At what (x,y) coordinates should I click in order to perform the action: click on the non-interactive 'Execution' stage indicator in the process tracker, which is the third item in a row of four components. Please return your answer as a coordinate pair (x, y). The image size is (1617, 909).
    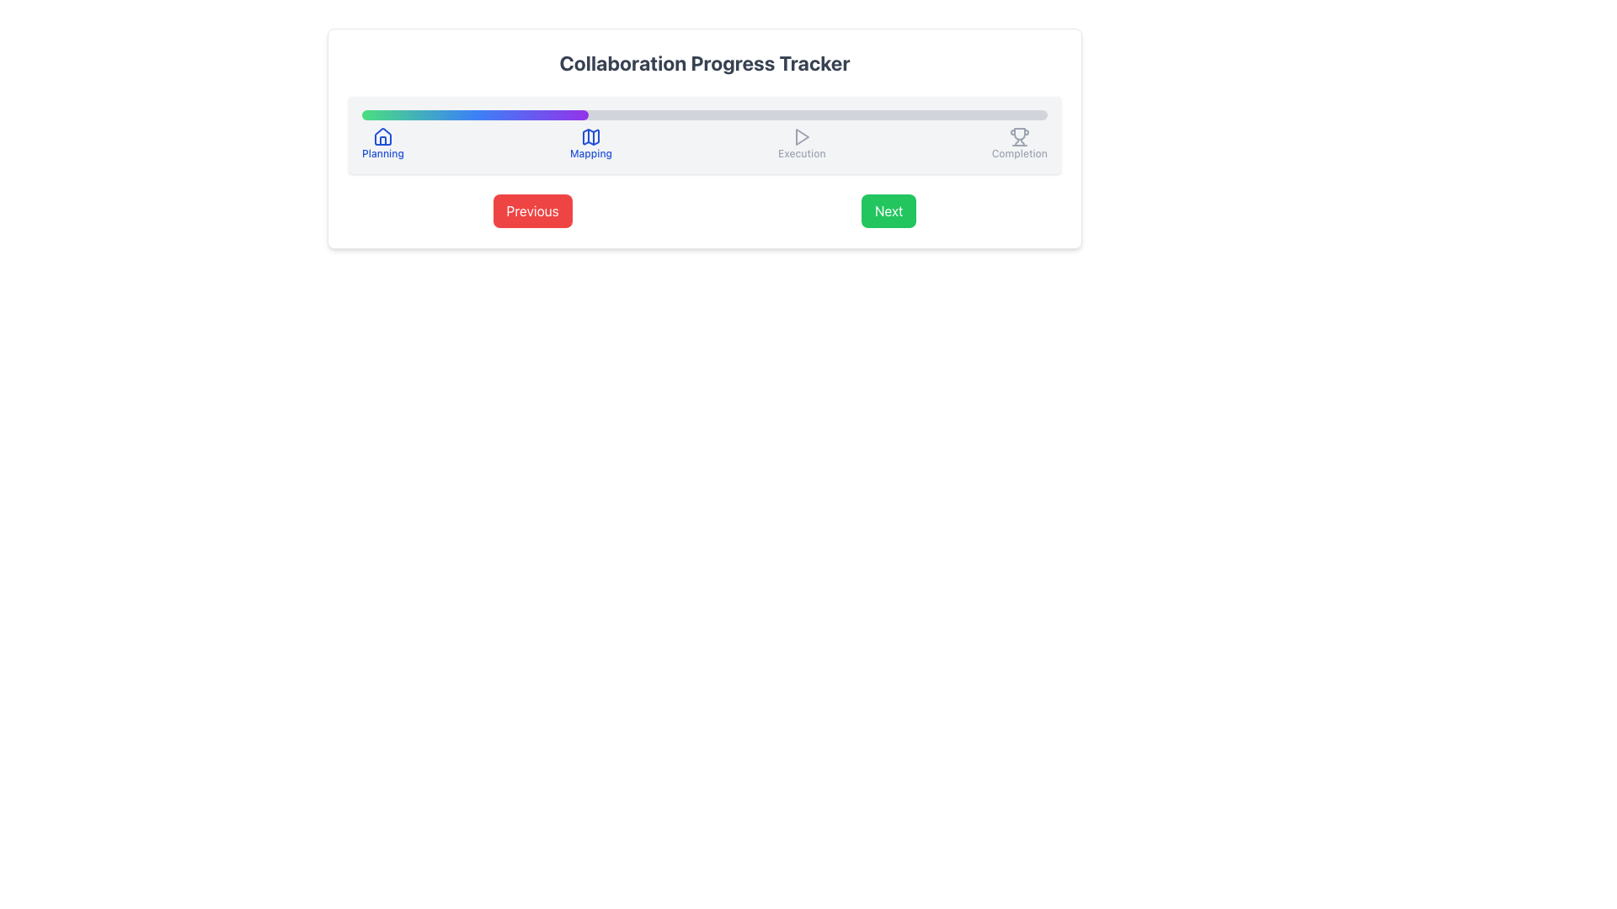
    Looking at the image, I should click on (801, 142).